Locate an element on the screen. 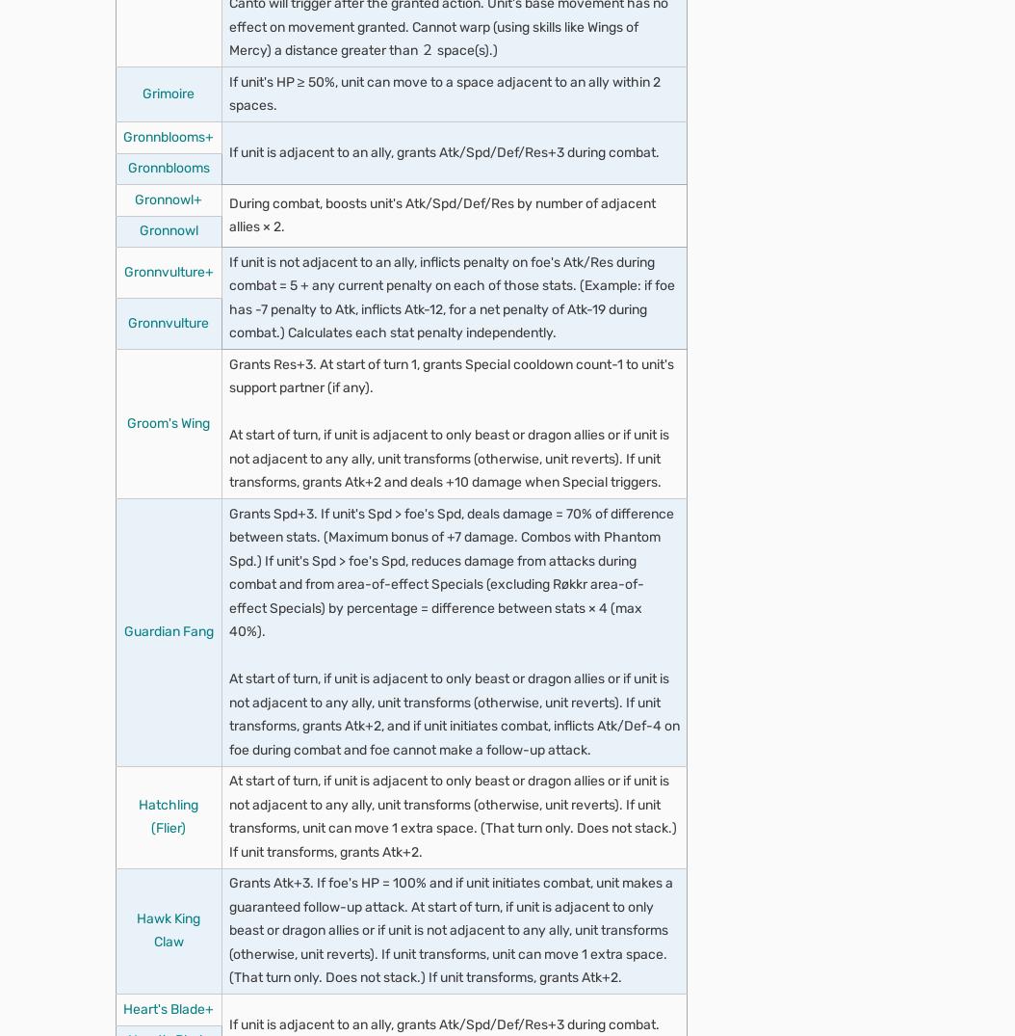  'Careers' is located at coordinates (80, 200).